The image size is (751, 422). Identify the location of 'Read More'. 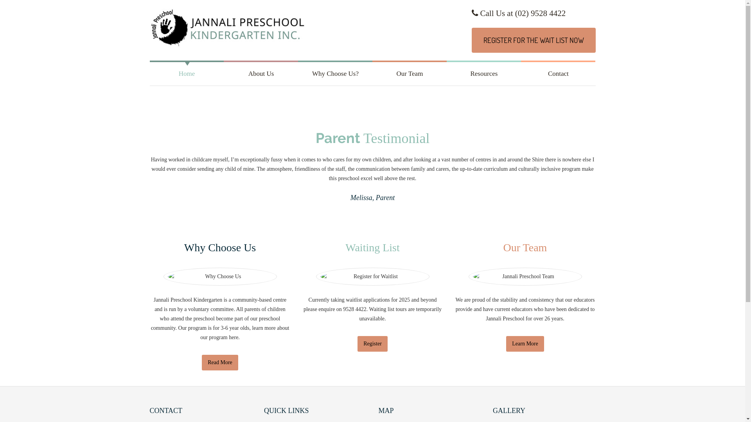
(219, 363).